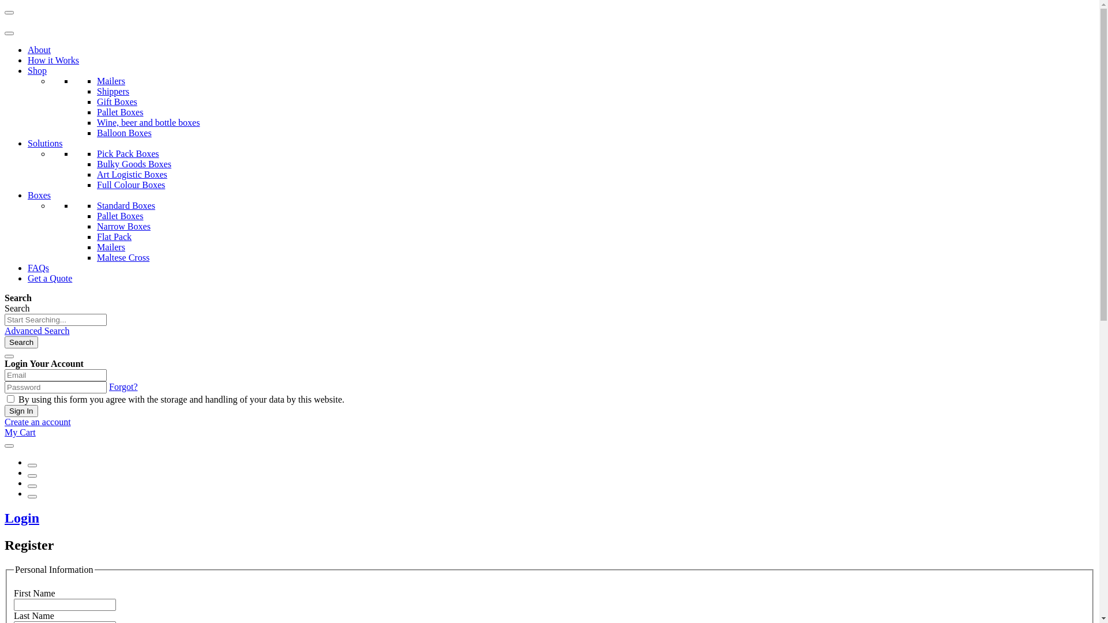 This screenshot has height=623, width=1108. What do you see at coordinates (39, 194) in the screenshot?
I see `'Boxes'` at bounding box center [39, 194].